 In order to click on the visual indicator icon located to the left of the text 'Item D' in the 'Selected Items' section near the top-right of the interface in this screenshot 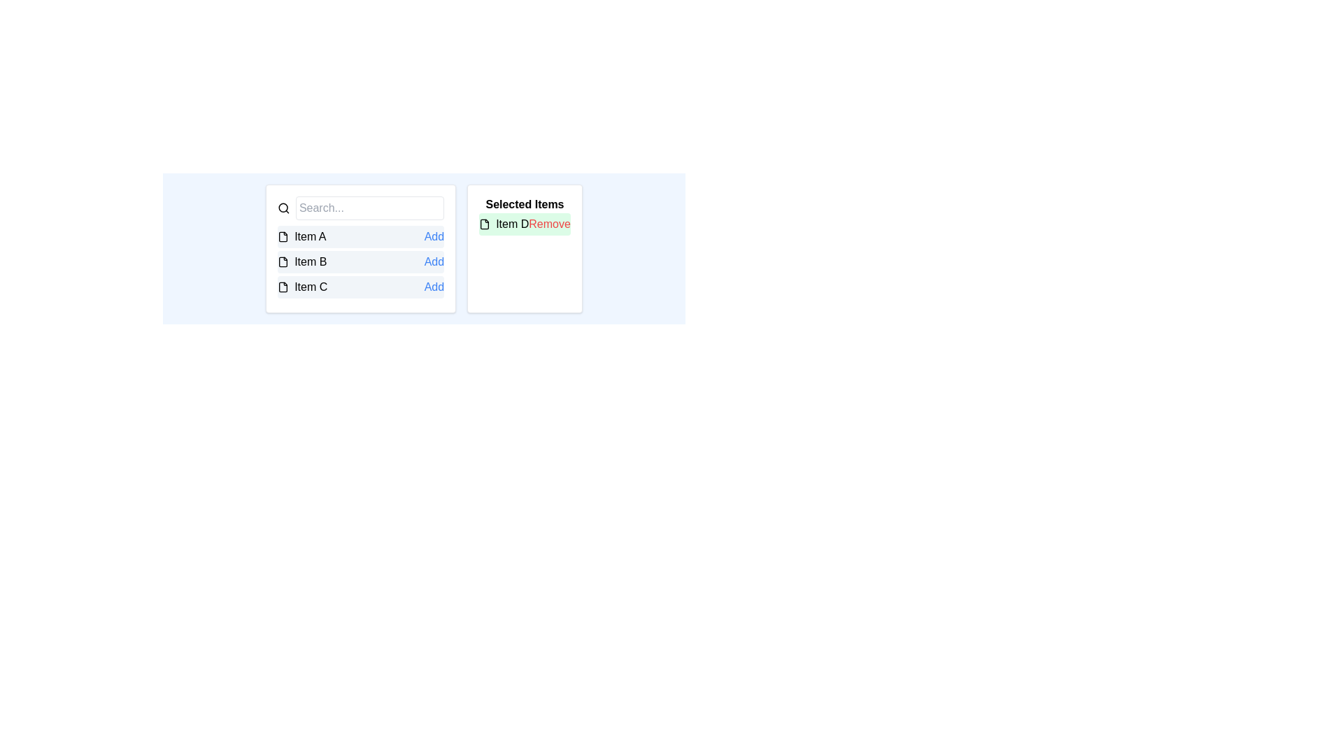, I will do `click(485, 223)`.